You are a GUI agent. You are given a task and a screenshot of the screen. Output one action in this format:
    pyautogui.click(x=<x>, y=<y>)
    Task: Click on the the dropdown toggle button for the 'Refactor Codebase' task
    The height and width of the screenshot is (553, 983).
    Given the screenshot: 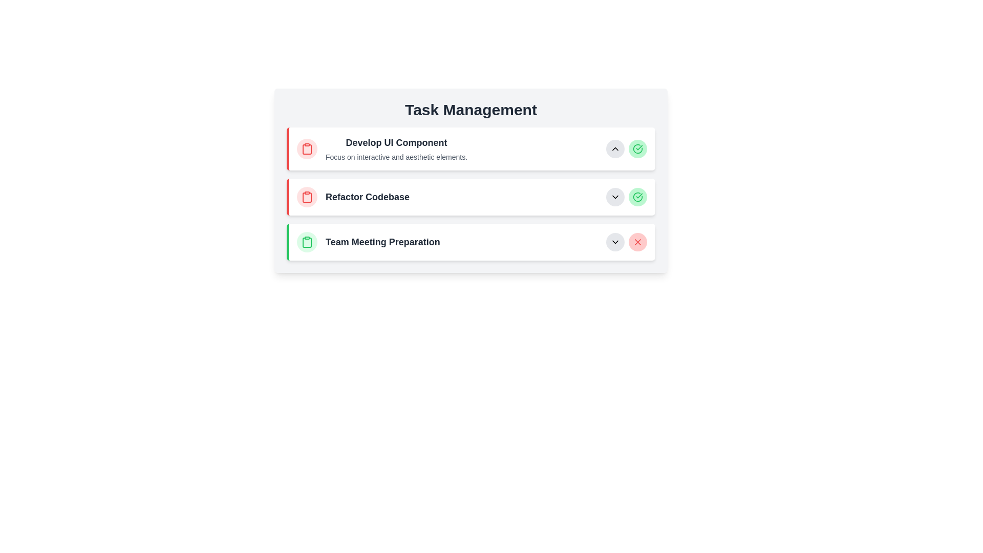 What is the action you would take?
    pyautogui.click(x=614, y=197)
    